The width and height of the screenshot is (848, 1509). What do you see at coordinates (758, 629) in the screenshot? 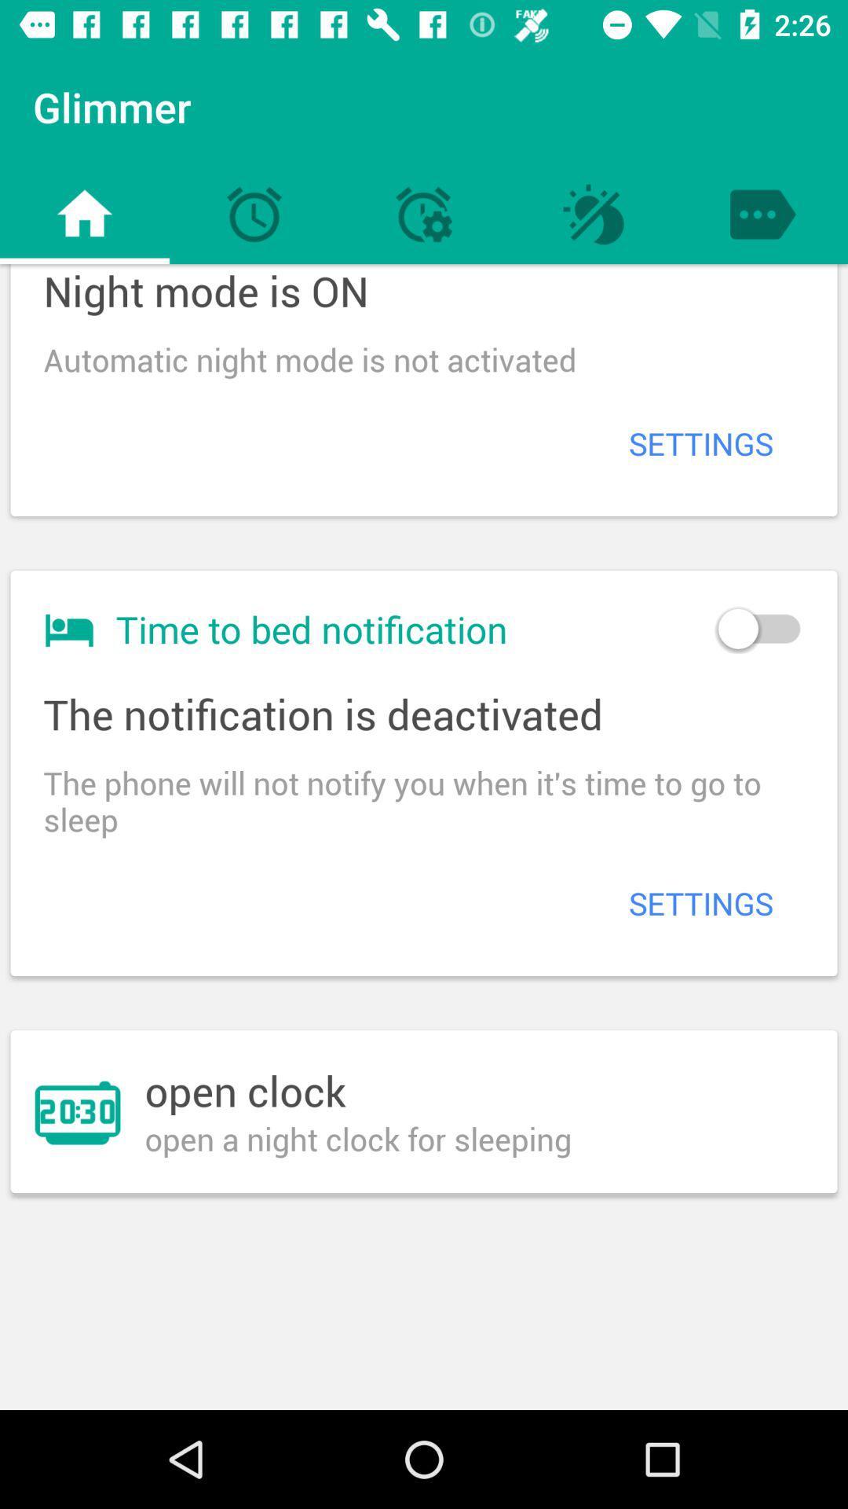
I see `icon next to time to bed` at bounding box center [758, 629].